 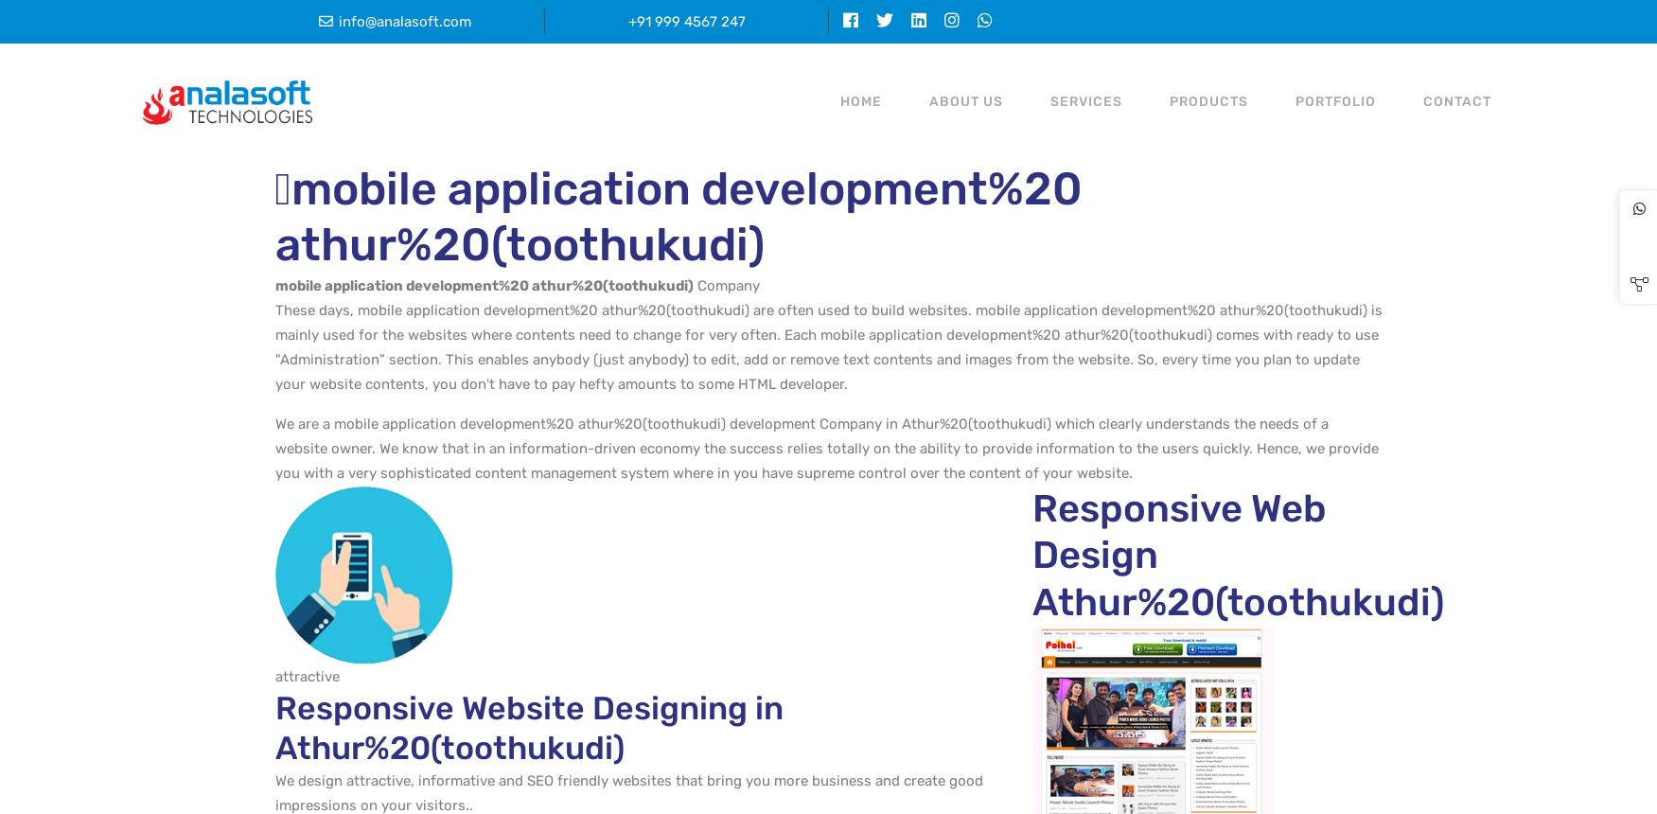 I want to click on 'PRODUCTS', so click(x=1208, y=100).